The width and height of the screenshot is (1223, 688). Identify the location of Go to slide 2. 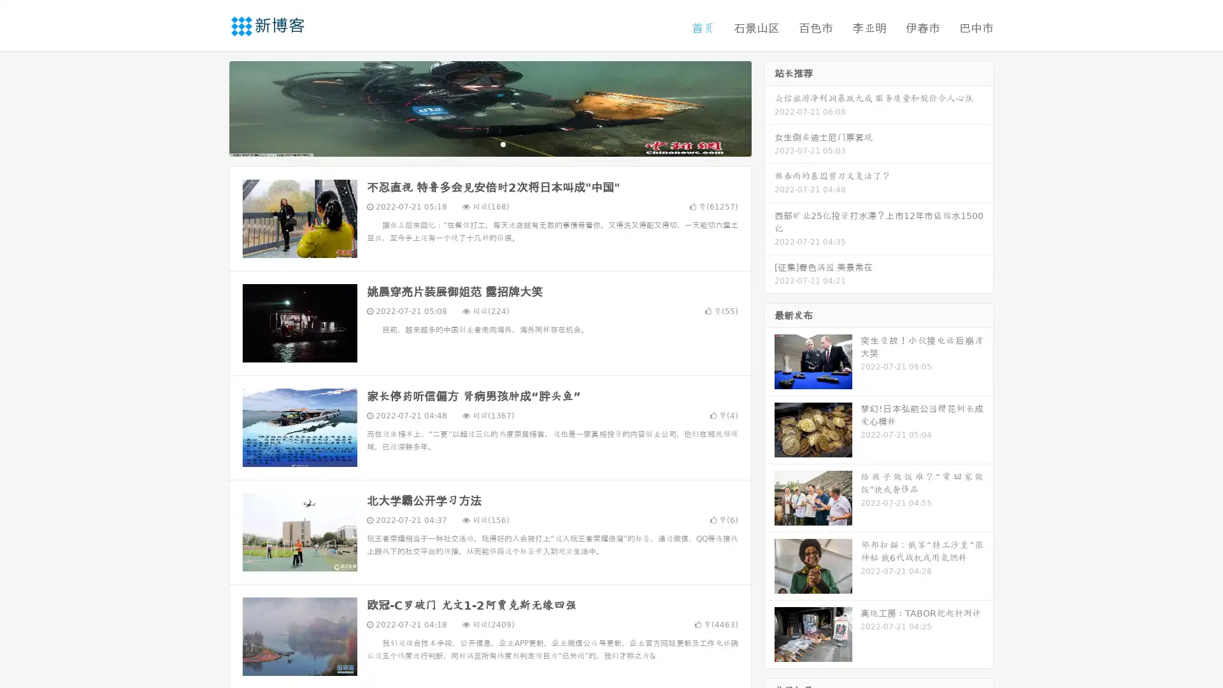
(489, 143).